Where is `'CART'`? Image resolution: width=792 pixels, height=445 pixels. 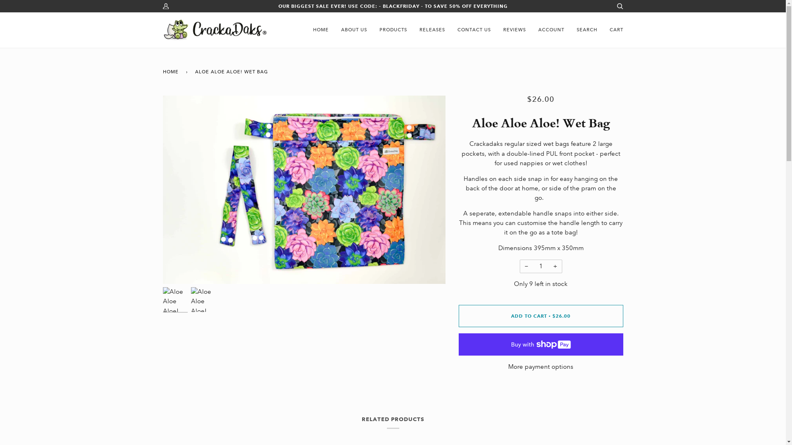
'CART' is located at coordinates (616, 30).